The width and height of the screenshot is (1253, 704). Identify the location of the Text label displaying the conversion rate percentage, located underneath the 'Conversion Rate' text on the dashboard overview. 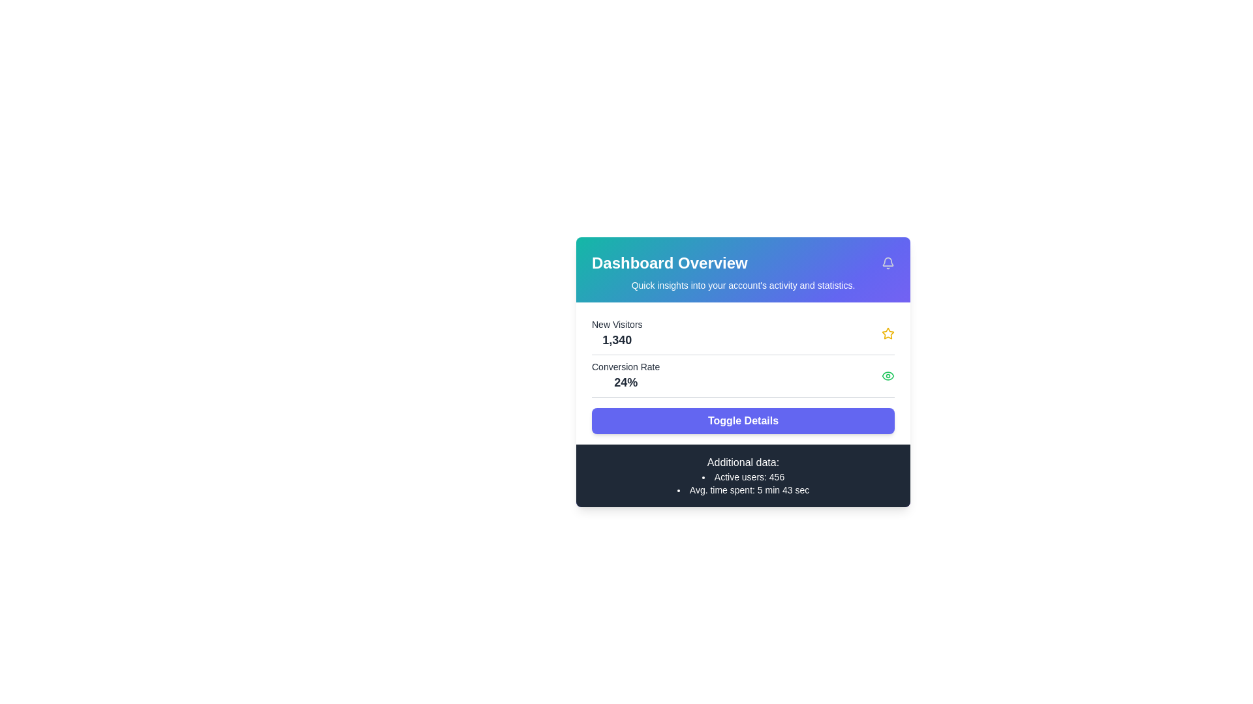
(625, 381).